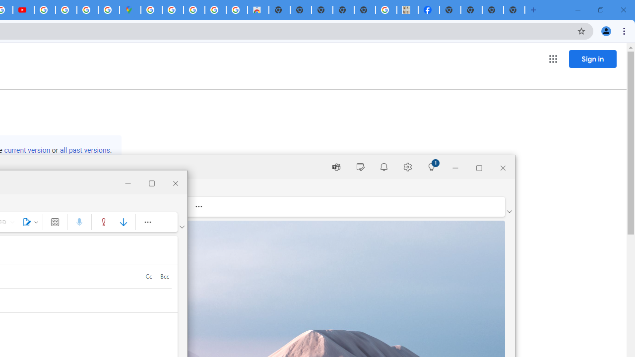  What do you see at coordinates (383, 166) in the screenshot?
I see `'Notifications'` at bounding box center [383, 166].